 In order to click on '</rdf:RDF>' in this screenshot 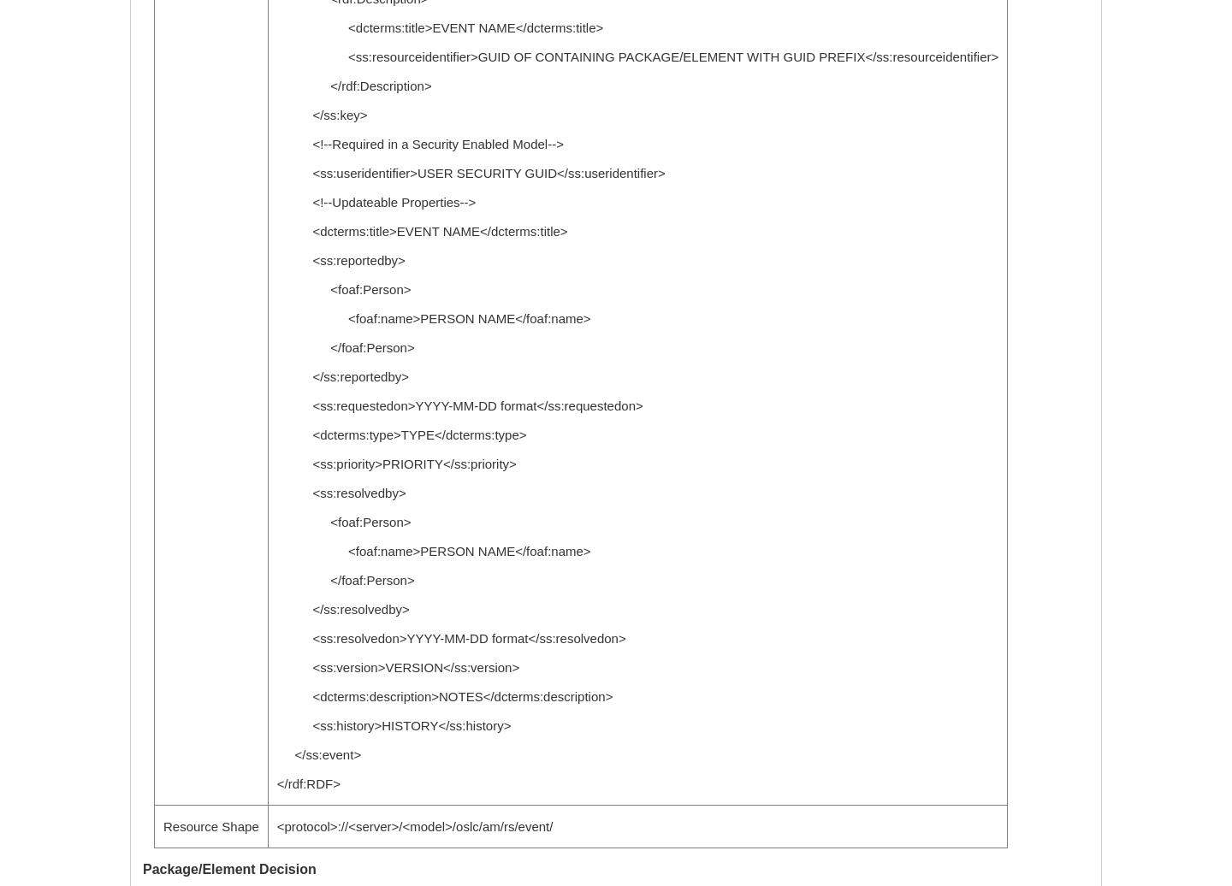, I will do `click(308, 783)`.